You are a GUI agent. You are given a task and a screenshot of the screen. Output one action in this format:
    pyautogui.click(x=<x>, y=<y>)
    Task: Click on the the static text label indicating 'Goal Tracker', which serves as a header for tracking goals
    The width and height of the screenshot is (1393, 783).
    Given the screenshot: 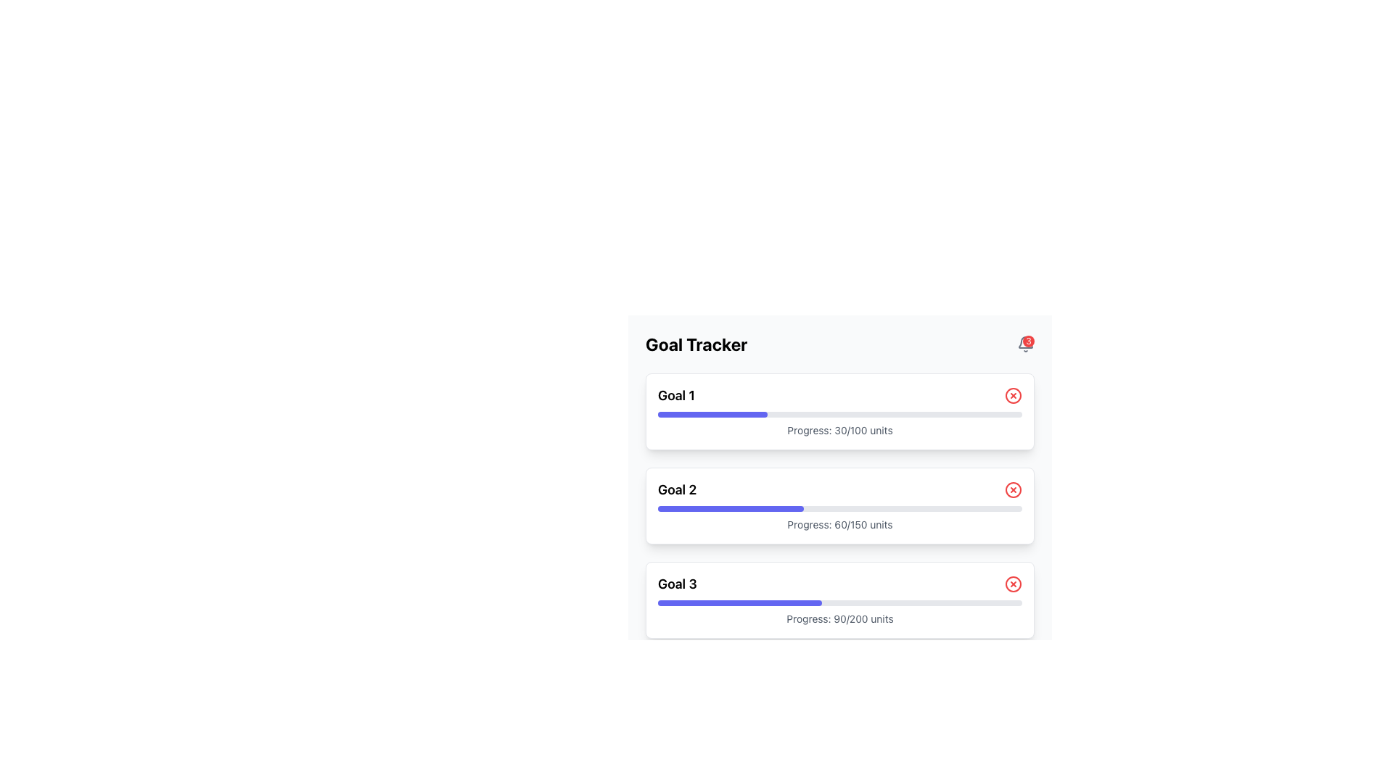 What is the action you would take?
    pyautogui.click(x=696, y=344)
    